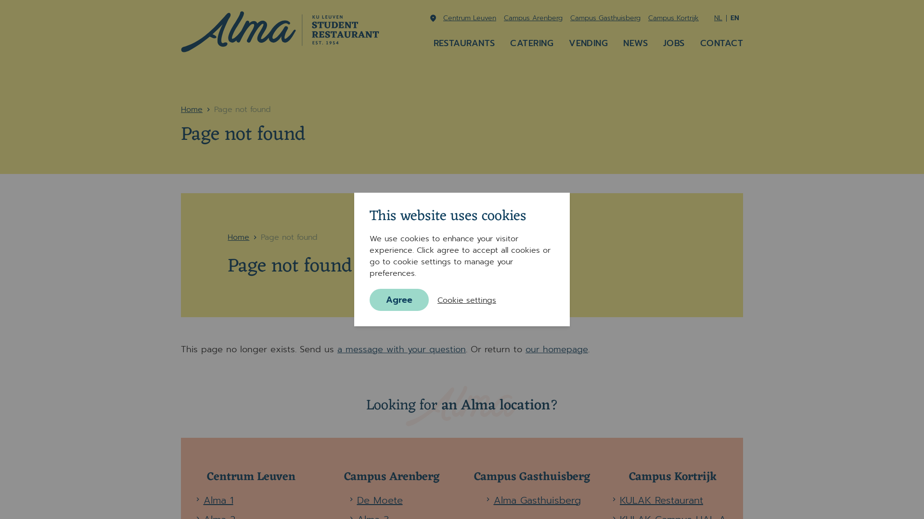 The image size is (924, 519). I want to click on 'CONTACT', so click(721, 42).